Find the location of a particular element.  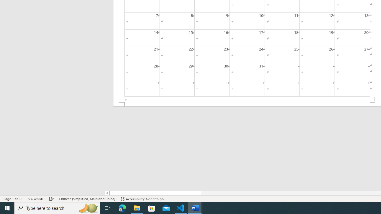

'Accessibility Checker Accessibility: Good to go' is located at coordinates (142, 199).